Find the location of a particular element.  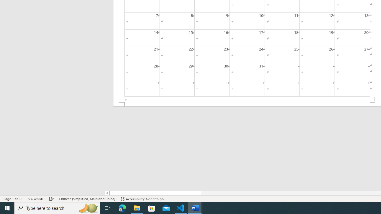

'Accessibility Checker Accessibility: Good to go' is located at coordinates (142, 199).